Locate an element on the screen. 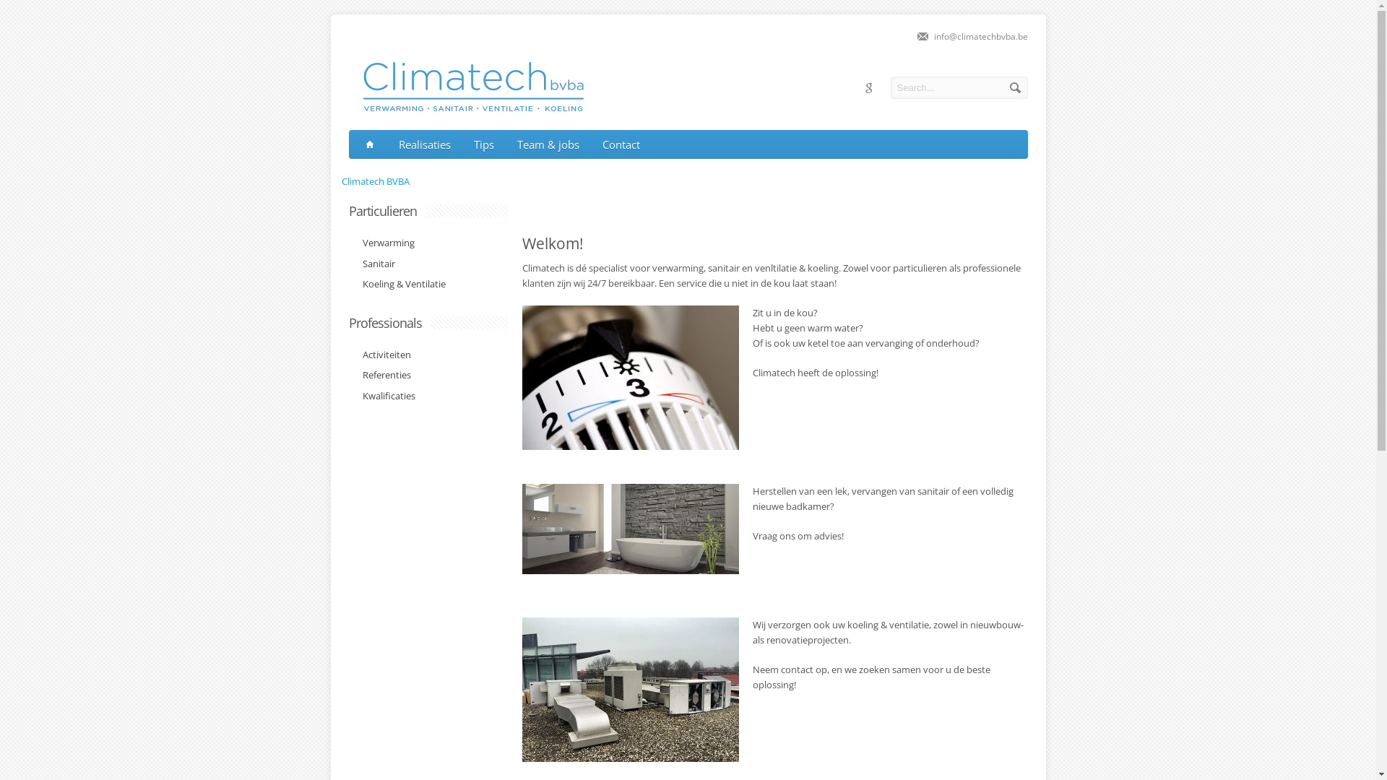  'Climatech BVBA' is located at coordinates (340, 180).